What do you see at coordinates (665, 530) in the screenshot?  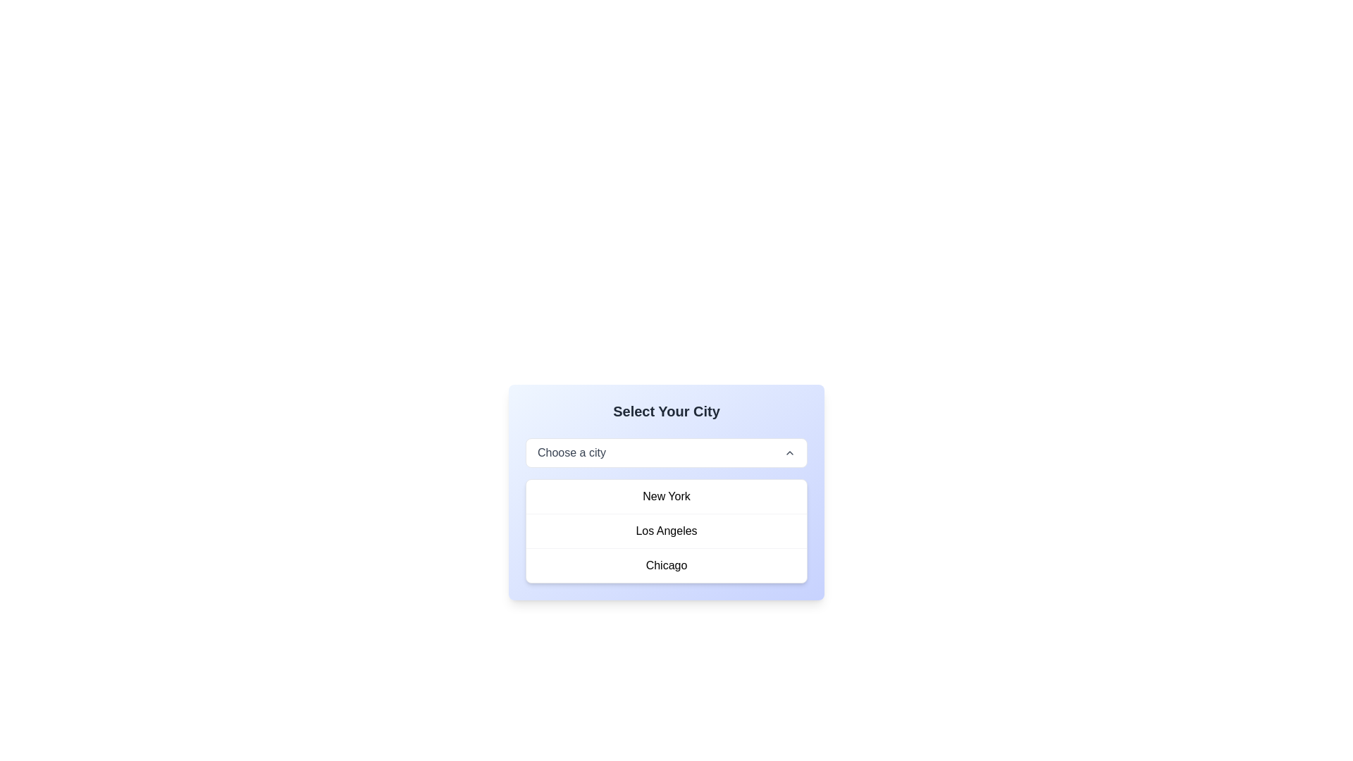 I see `the text-based selectable list item labeled 'Los Angeles' in the dropdown menu` at bounding box center [665, 530].